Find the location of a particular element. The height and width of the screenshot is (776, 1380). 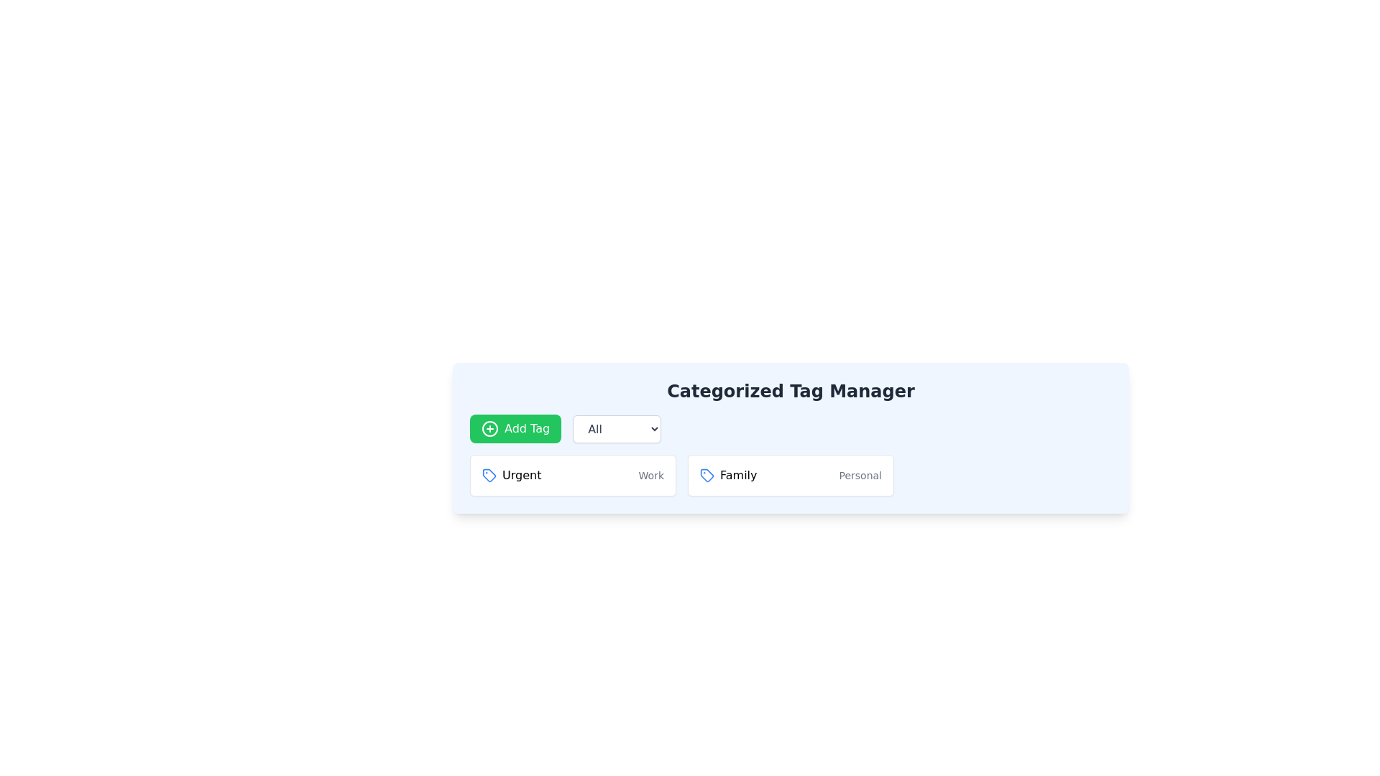

the appearance of the small tag icon with a blue outline located to the left of the label 'Family' in the 'Categorized Tag Manager' UI is located at coordinates (707, 476).